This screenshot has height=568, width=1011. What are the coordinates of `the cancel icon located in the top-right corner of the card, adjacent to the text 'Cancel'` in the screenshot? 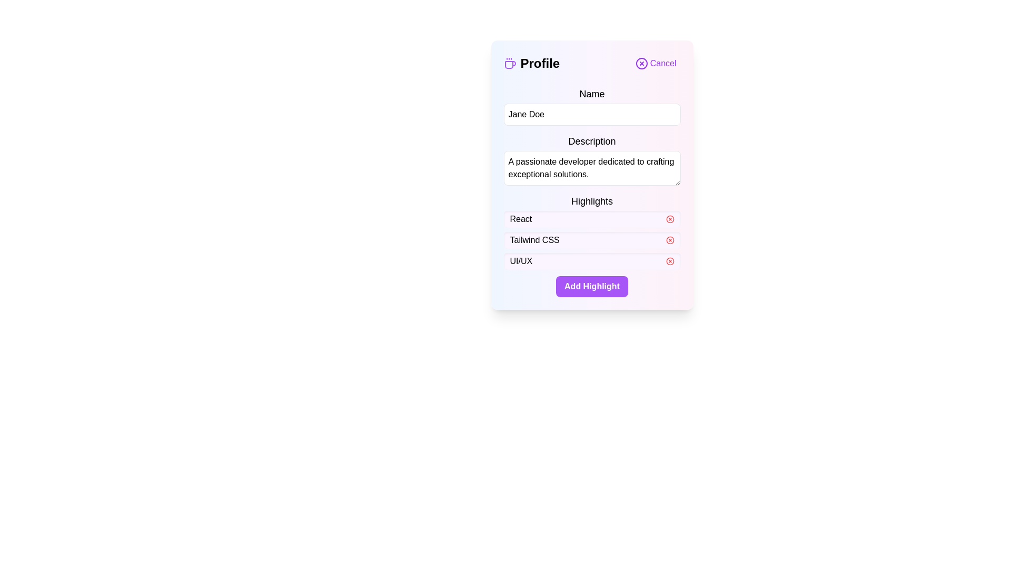 It's located at (641, 63).